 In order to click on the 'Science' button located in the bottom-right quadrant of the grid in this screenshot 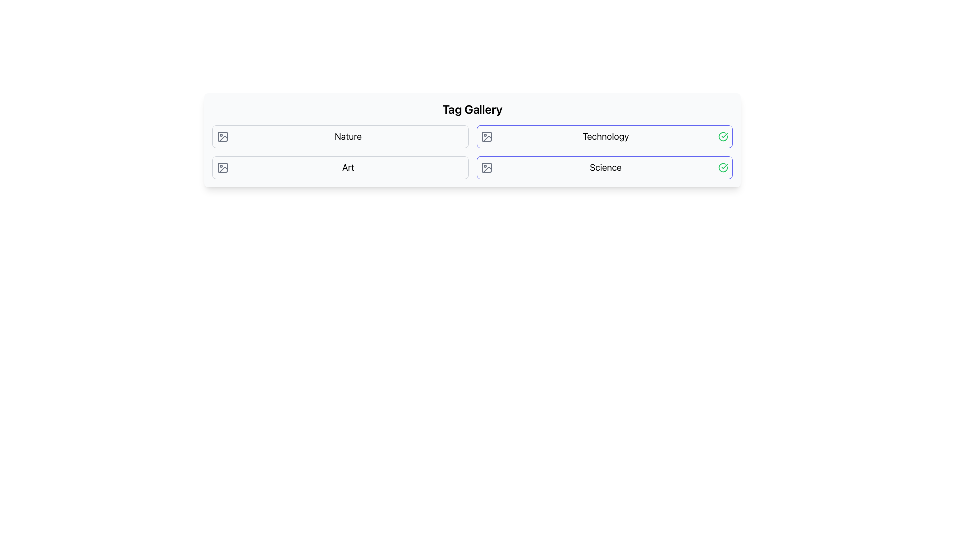, I will do `click(604, 167)`.